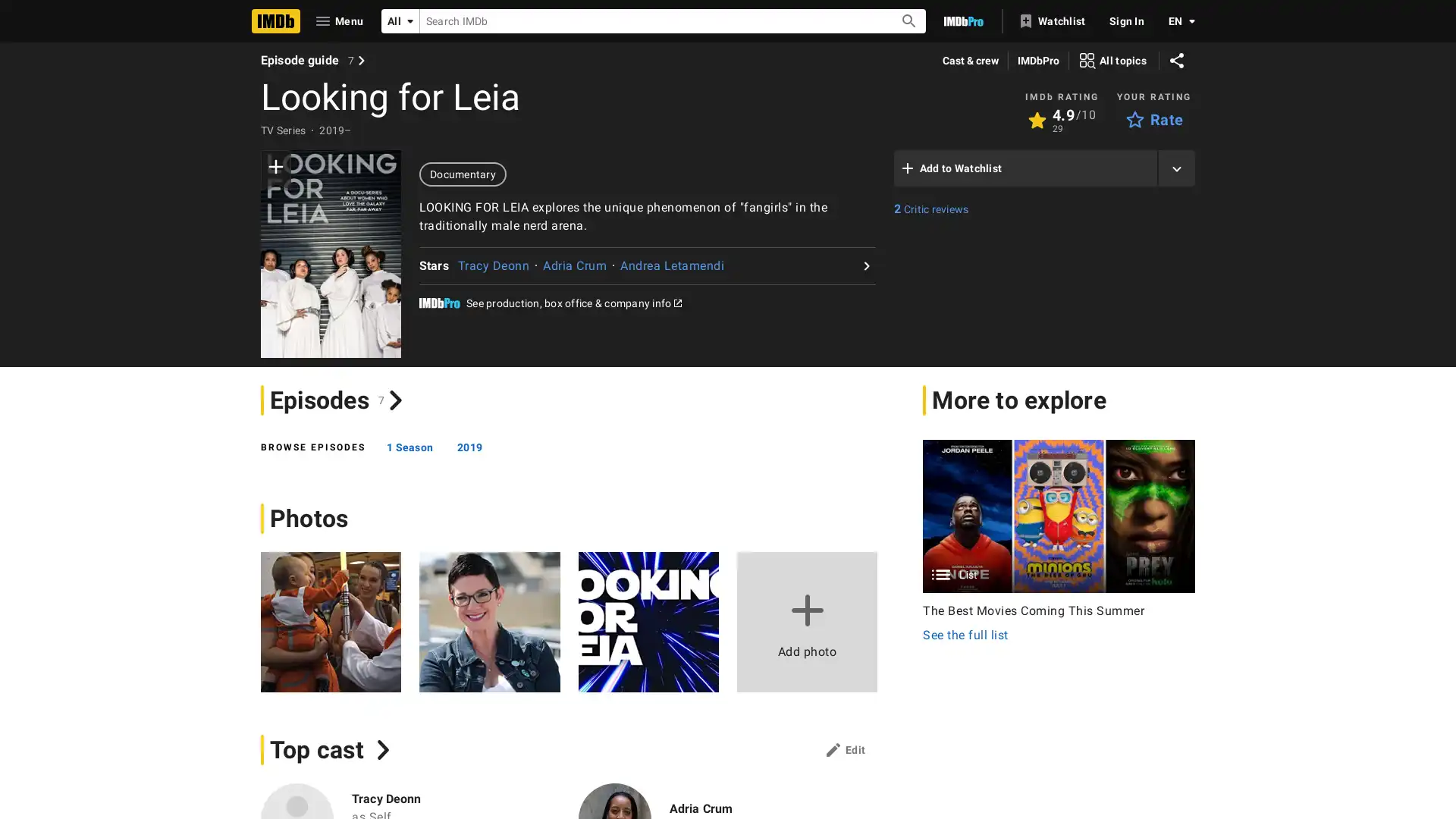 This screenshot has height=819, width=1456. Describe the element at coordinates (1052, 20) in the screenshot. I see `Watchlist` at that location.